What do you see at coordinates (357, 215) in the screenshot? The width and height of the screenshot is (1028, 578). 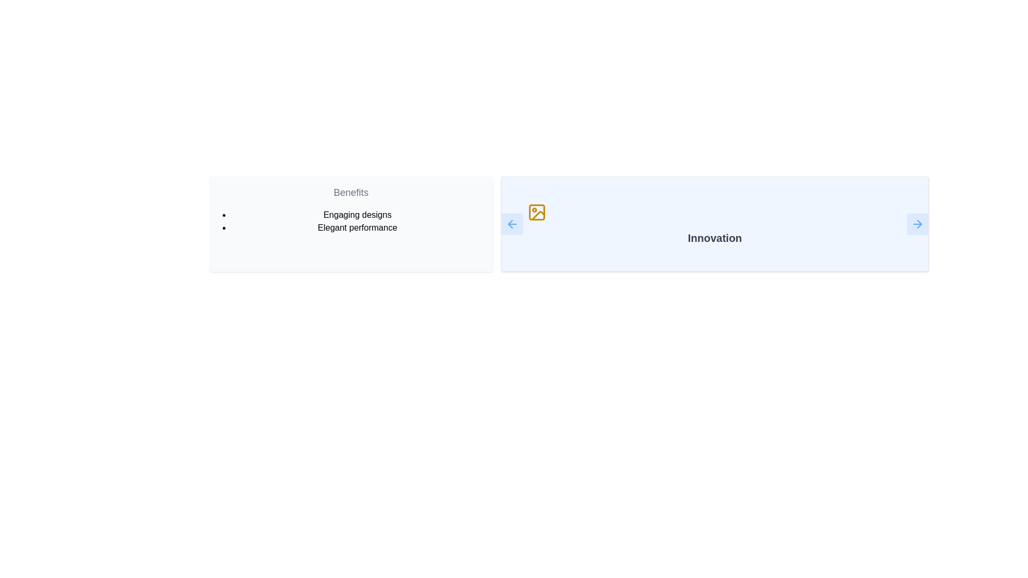 I see `the first item of the bulleted list reading 'Engaging designs' located under the header 'Benefits'` at bounding box center [357, 215].